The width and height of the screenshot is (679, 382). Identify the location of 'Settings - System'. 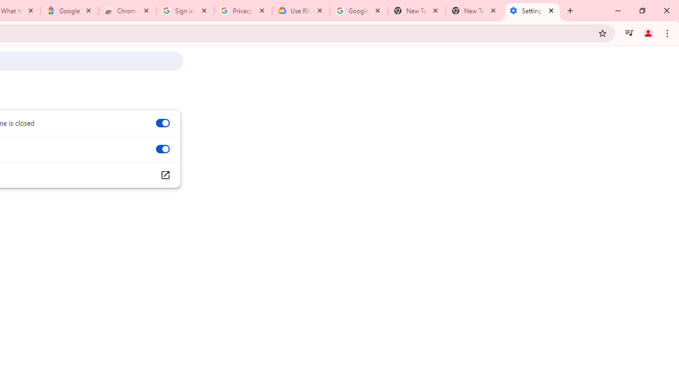
(532, 11).